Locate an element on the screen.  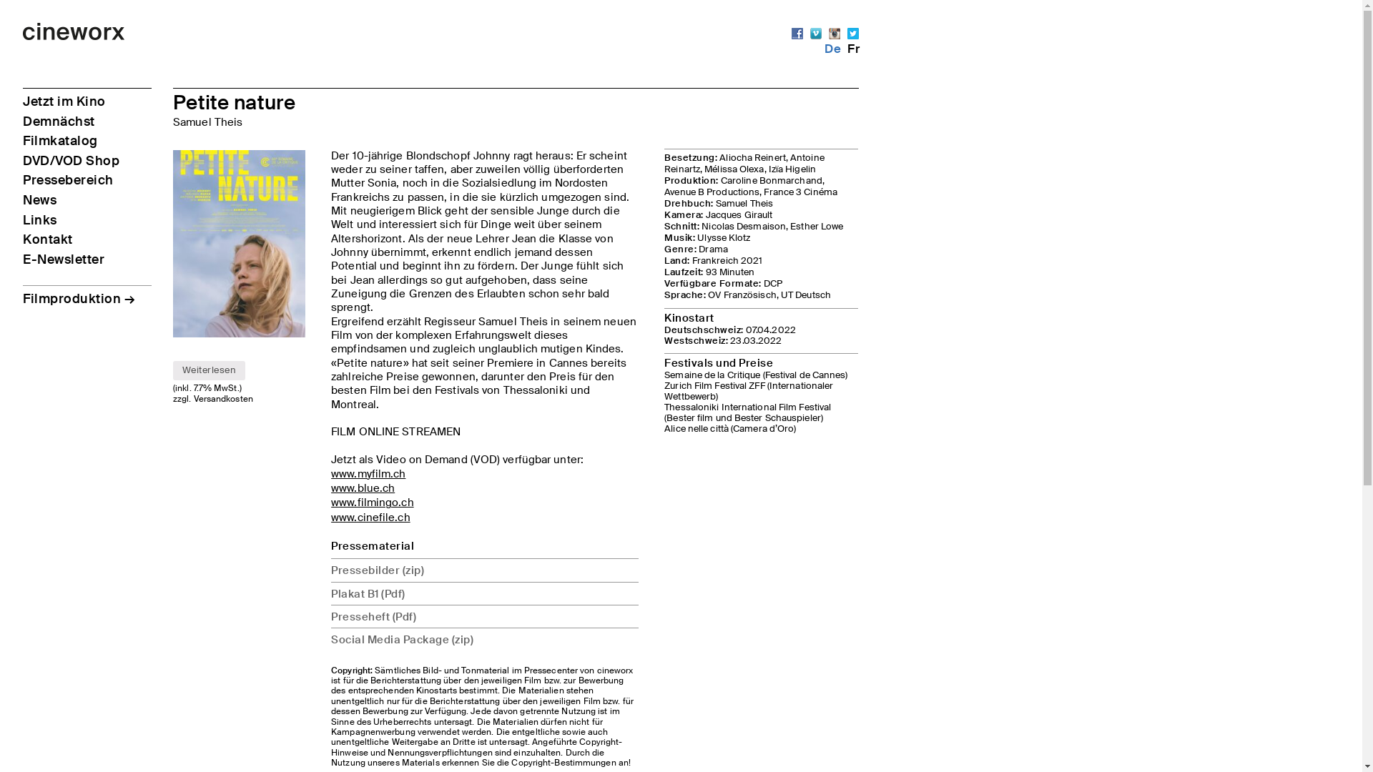
'Links' is located at coordinates (40, 220).